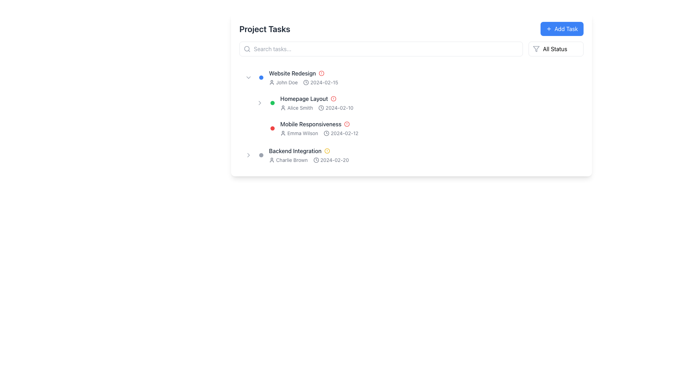 The width and height of the screenshot is (677, 381). What do you see at coordinates (283, 82) in the screenshot?
I see `the label displaying 'John Doe' with a user icon to its left, located in the task details section` at bounding box center [283, 82].